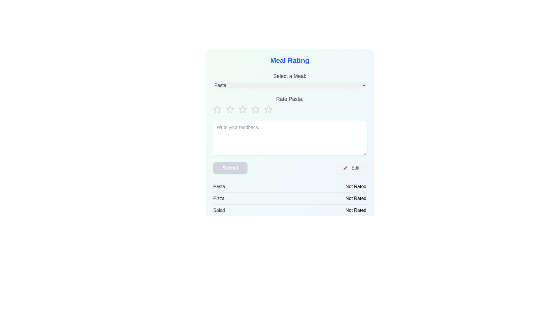  Describe the element at coordinates (290, 99) in the screenshot. I see `the static text label indicating the purpose of the rating widget for the meal 'Pasta', located below the meal selection dropdown` at that location.